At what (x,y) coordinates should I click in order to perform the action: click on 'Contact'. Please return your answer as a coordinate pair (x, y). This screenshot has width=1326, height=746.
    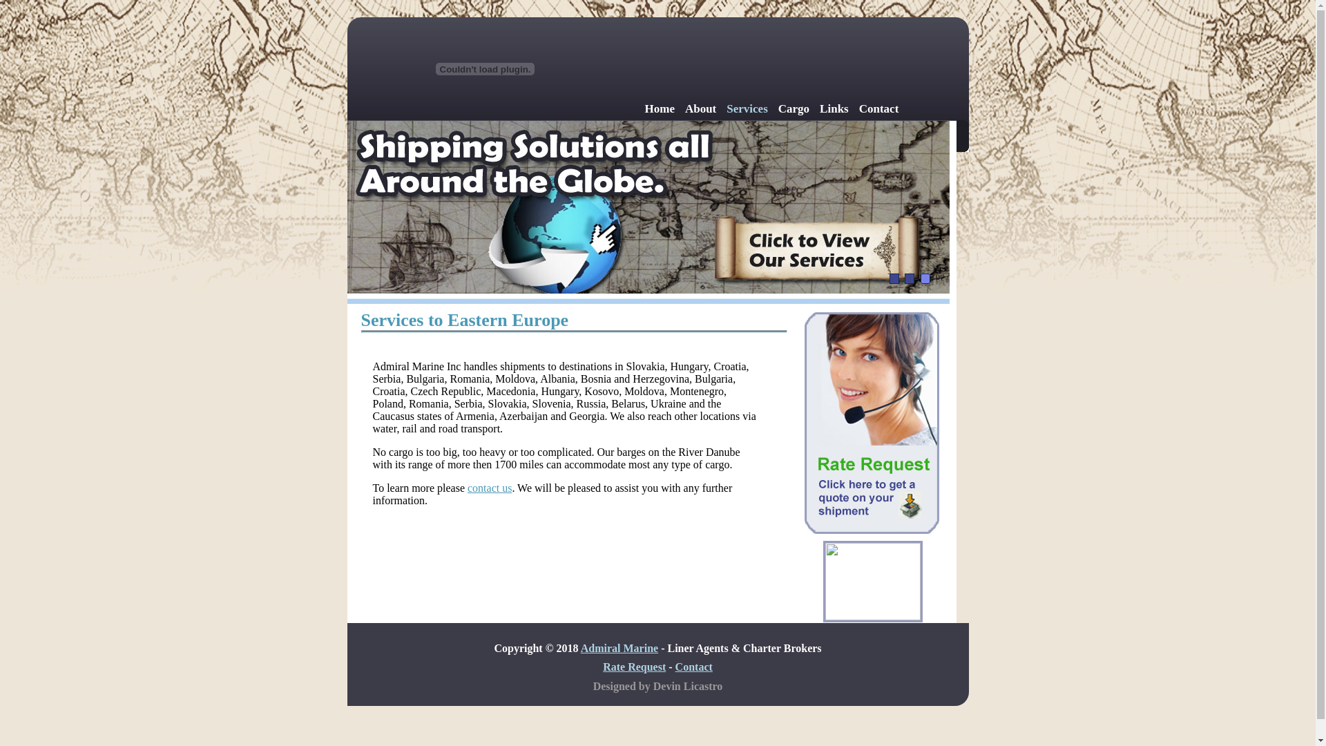
    Looking at the image, I should click on (693, 666).